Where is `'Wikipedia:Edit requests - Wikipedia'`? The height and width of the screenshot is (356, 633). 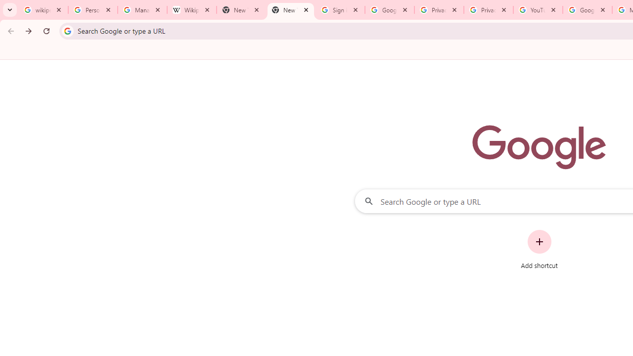 'Wikipedia:Edit requests - Wikipedia' is located at coordinates (191, 10).